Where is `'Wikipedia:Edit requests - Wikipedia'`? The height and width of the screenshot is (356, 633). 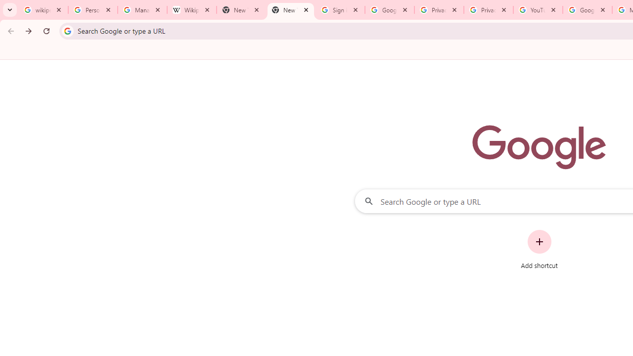 'Wikipedia:Edit requests - Wikipedia' is located at coordinates (191, 10).